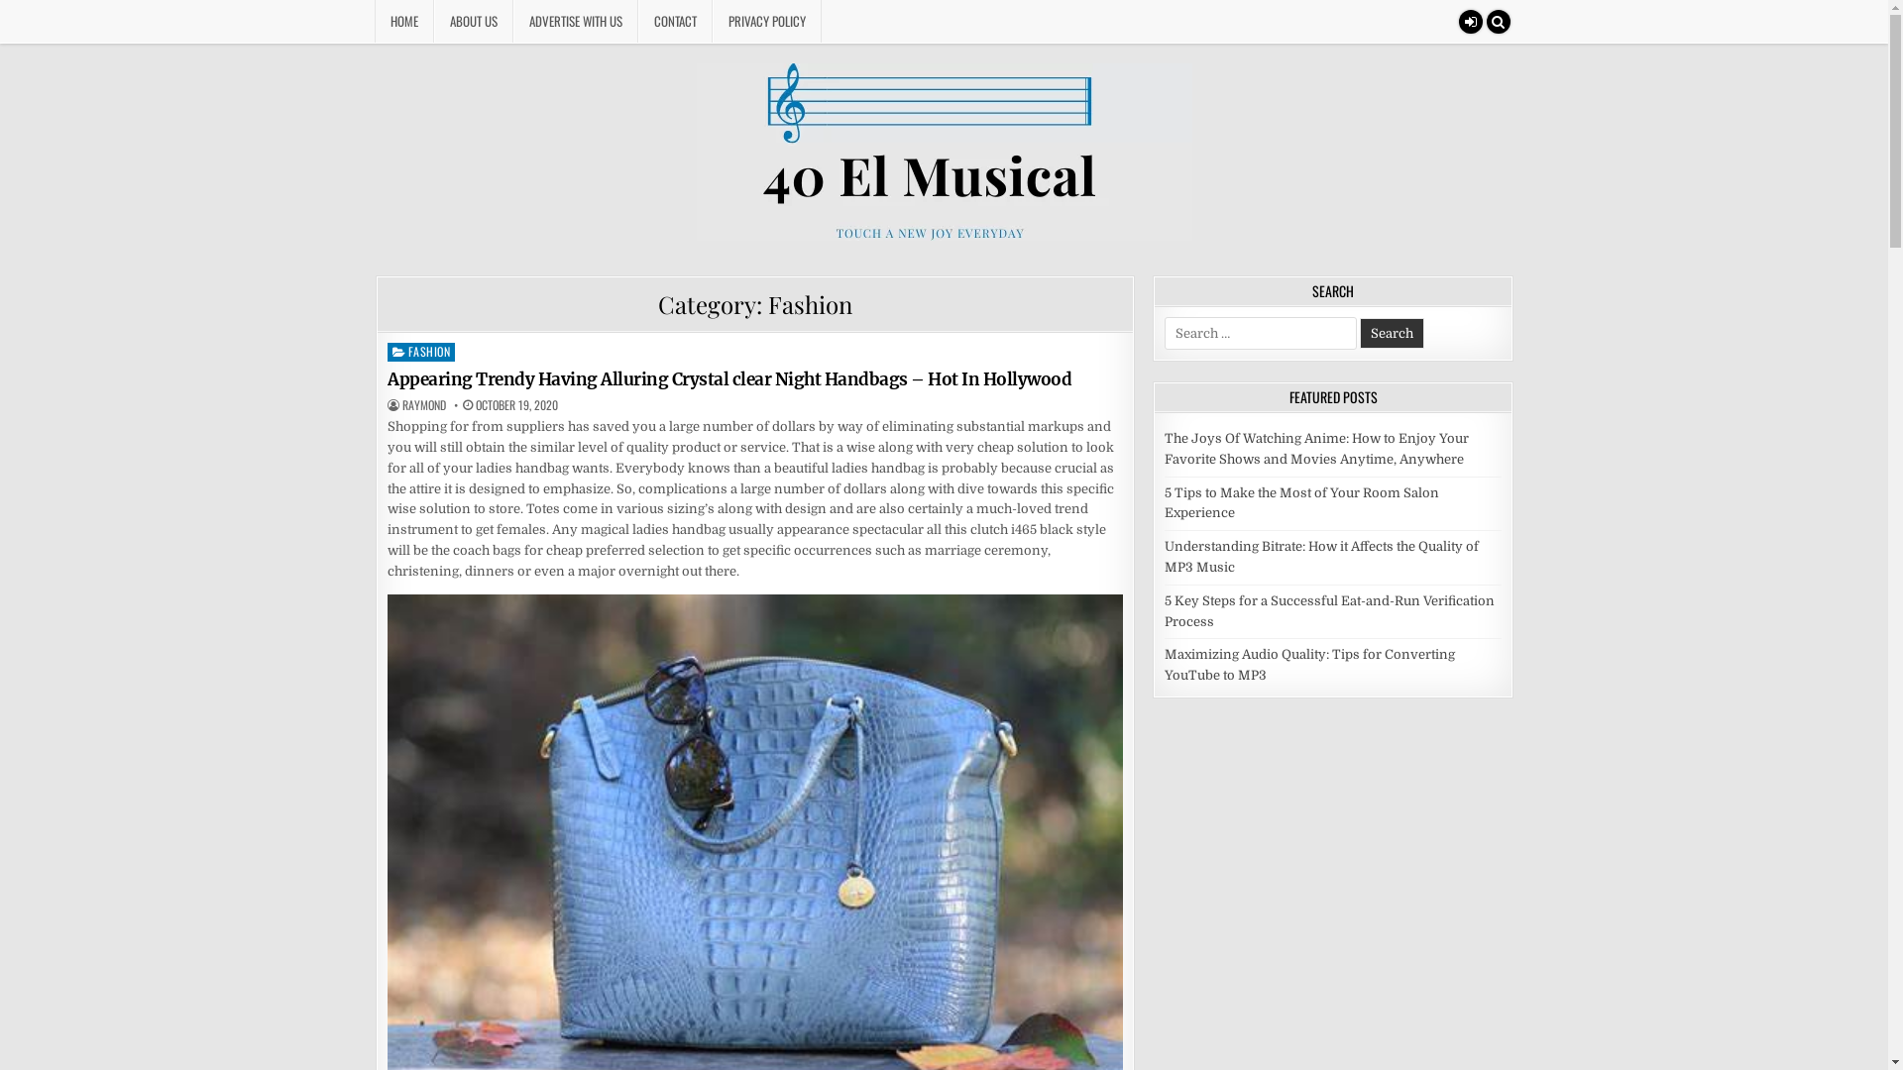  I want to click on 'ADVERTISE WITH US', so click(513, 21).